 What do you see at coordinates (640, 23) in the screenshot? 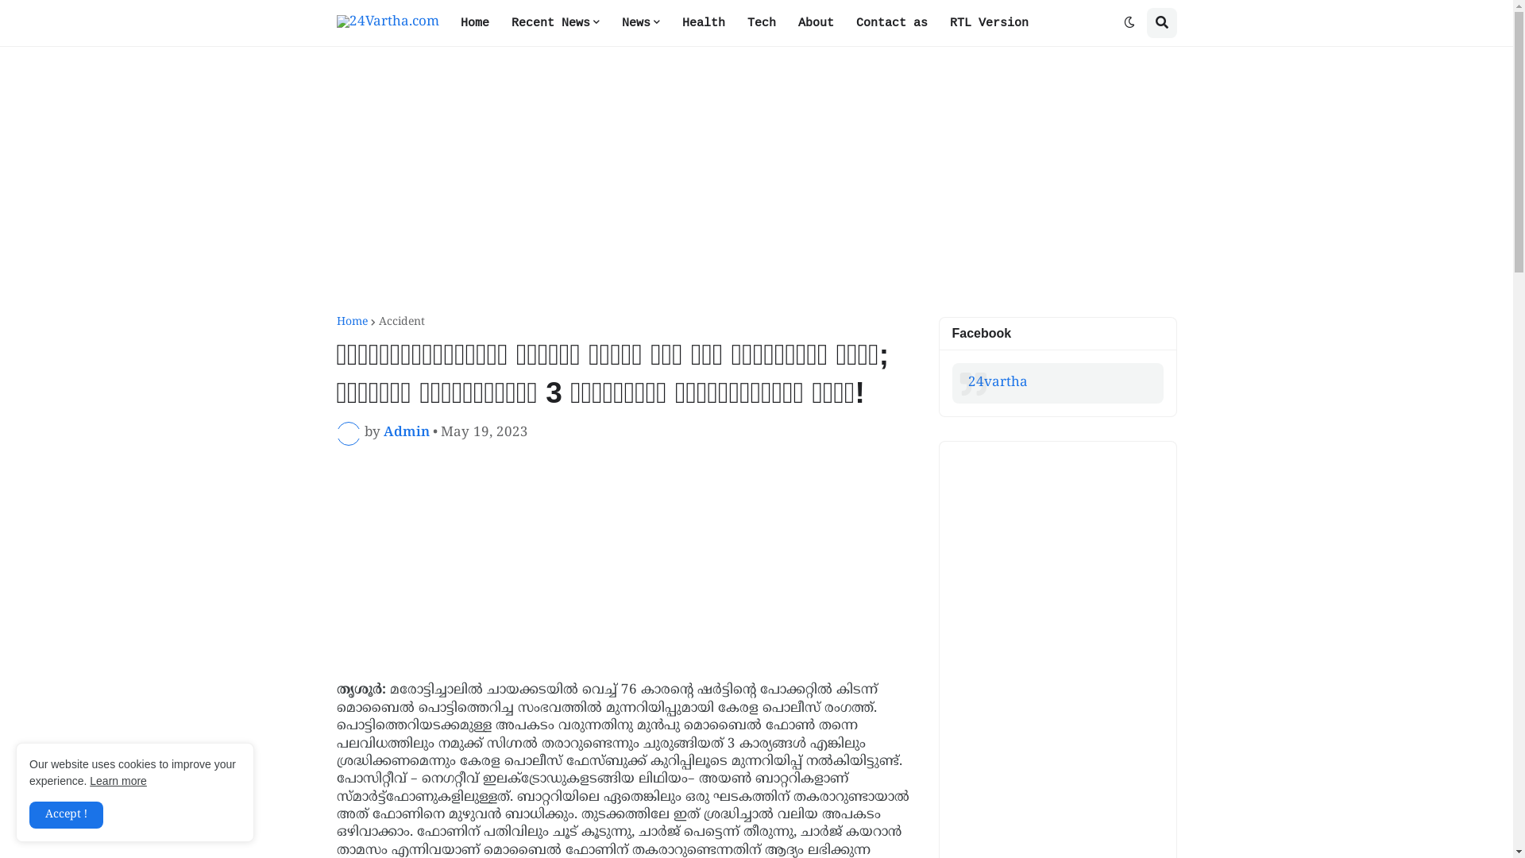
I see `'News'` at bounding box center [640, 23].